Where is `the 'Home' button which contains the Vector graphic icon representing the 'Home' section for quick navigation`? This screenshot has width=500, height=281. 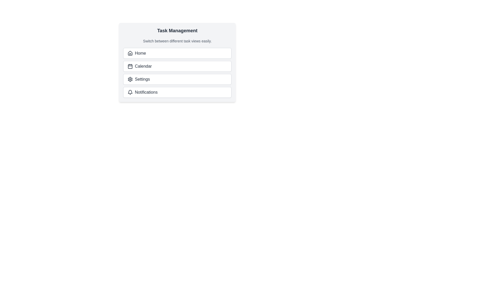
the 'Home' button which contains the Vector graphic icon representing the 'Home' section for quick navigation is located at coordinates (130, 53).